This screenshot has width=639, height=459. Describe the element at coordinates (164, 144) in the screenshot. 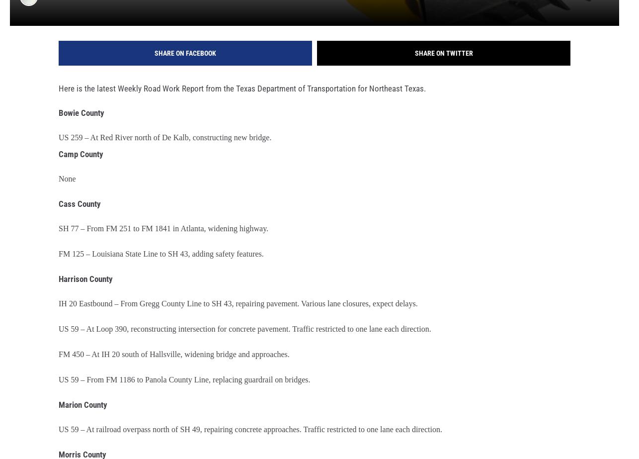

I see `'US 259 – At Red River north of De Kalb, constructing new bridge.'` at that location.